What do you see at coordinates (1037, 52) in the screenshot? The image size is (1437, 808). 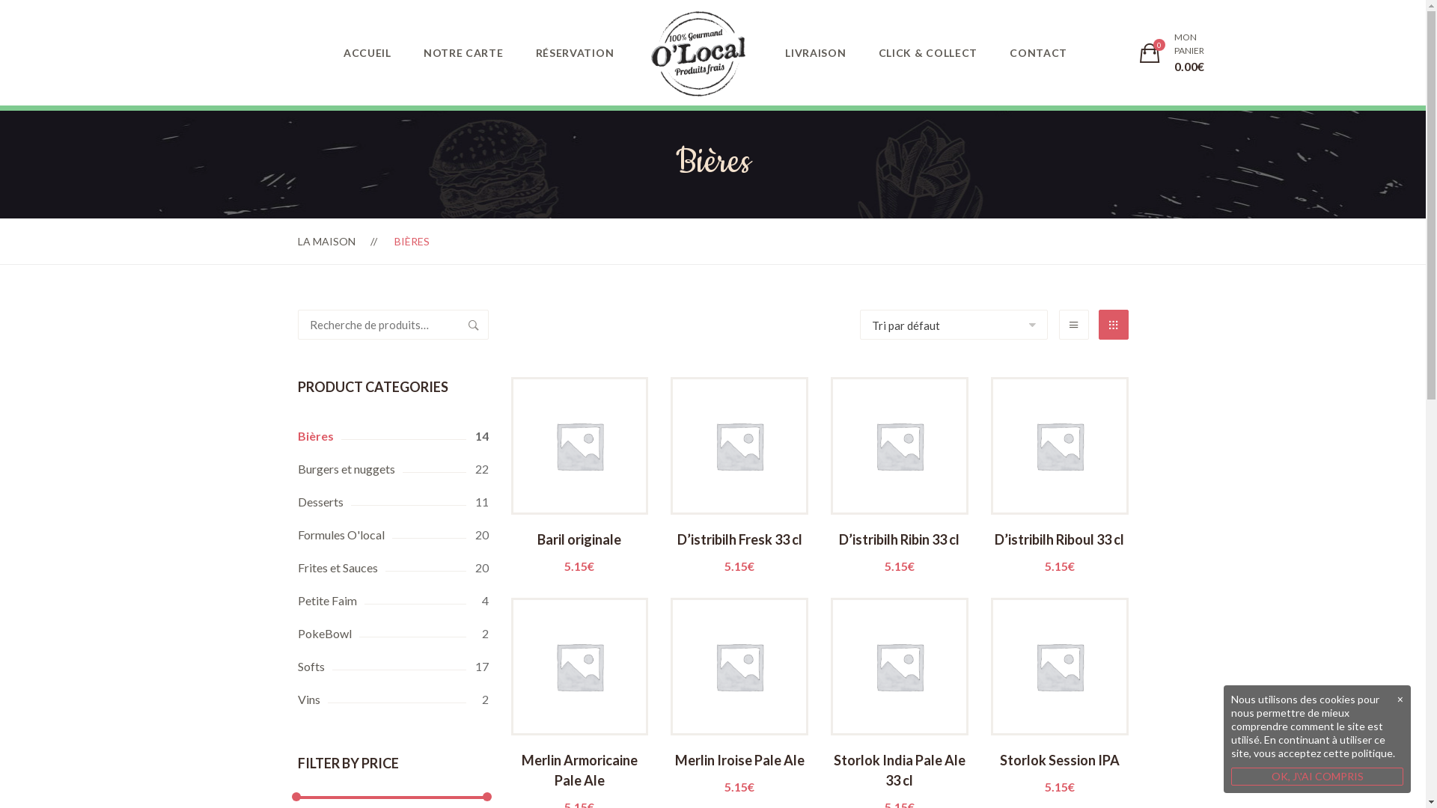 I see `'CONTACT'` at bounding box center [1037, 52].